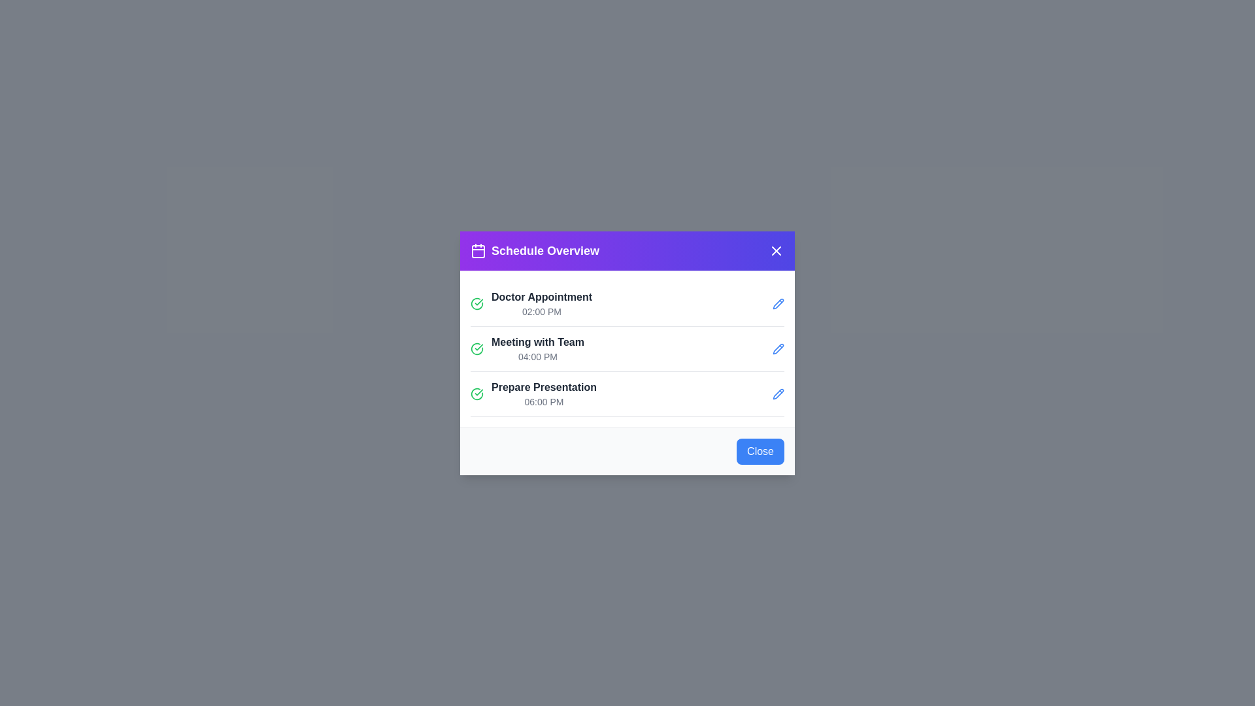  What do you see at coordinates (476, 348) in the screenshot?
I see `the status icon representing 'Meeting with Team' scheduled at '04:00 PM', located in the second row of the schedule list` at bounding box center [476, 348].